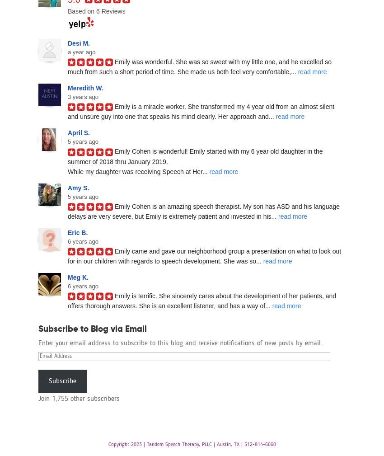 The width and height of the screenshot is (384, 456). I want to click on 'Subscribe', so click(62, 381).